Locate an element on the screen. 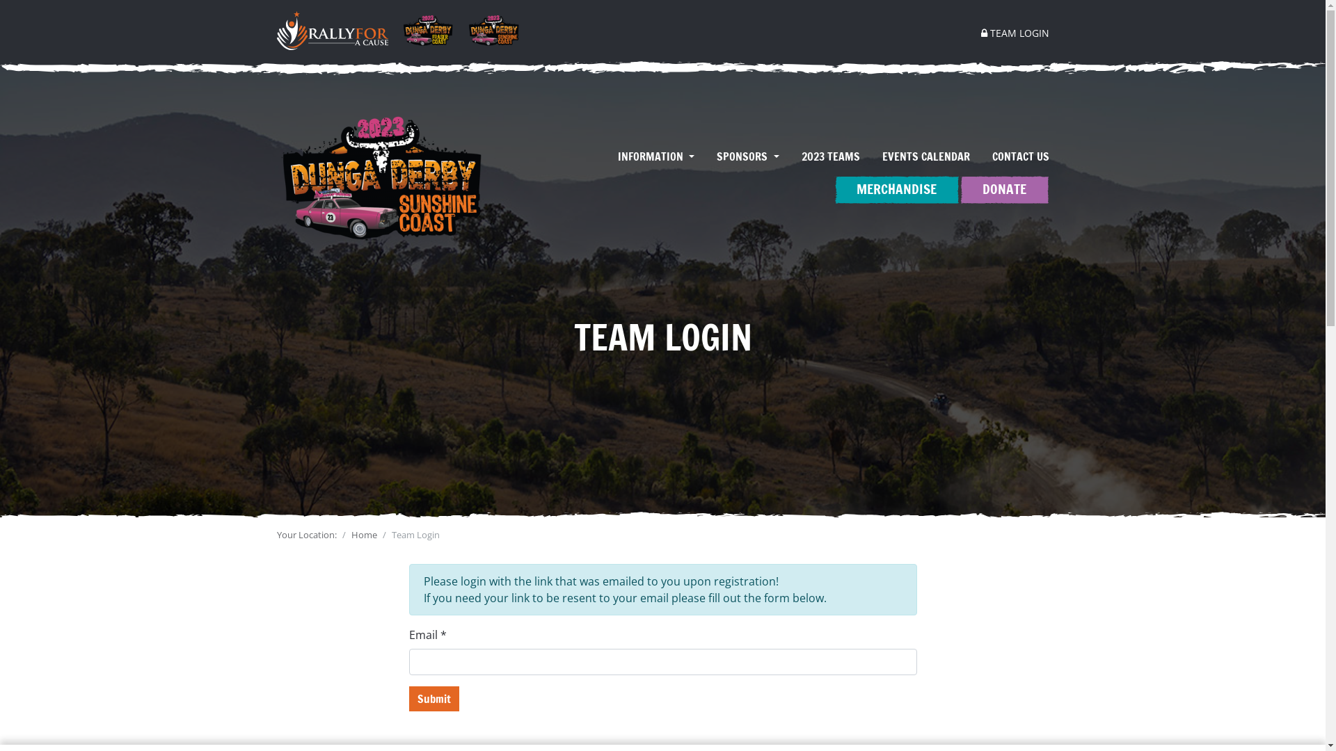 This screenshot has height=751, width=1336. 'TEAM LOGIN' is located at coordinates (1009, 32).